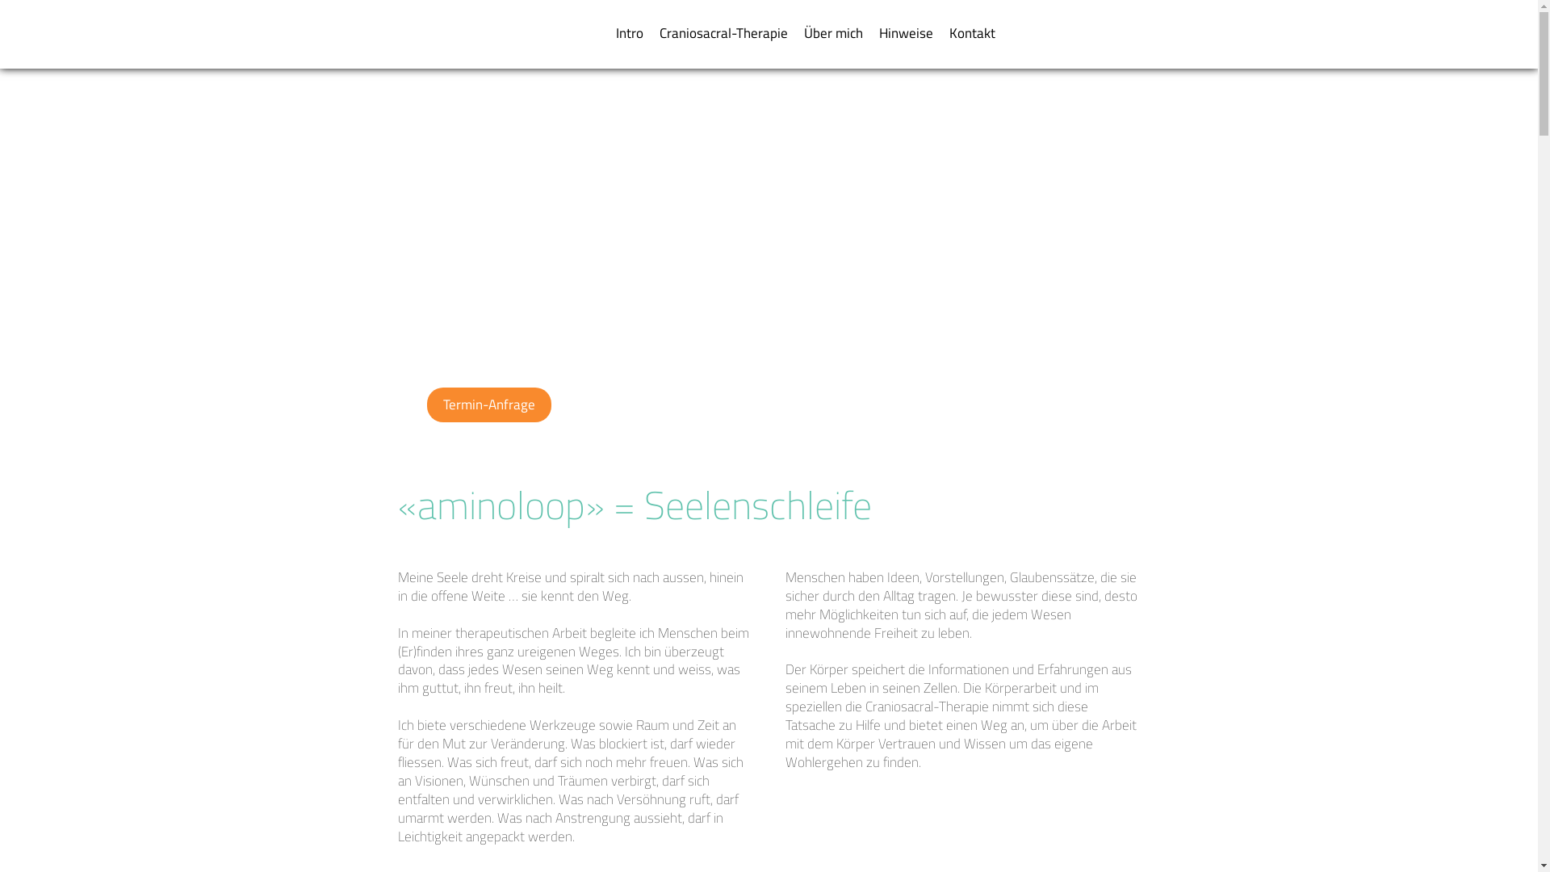 The height and width of the screenshot is (872, 1550). Describe the element at coordinates (722, 33) in the screenshot. I see `'Craniosacral-Therapie'` at that location.